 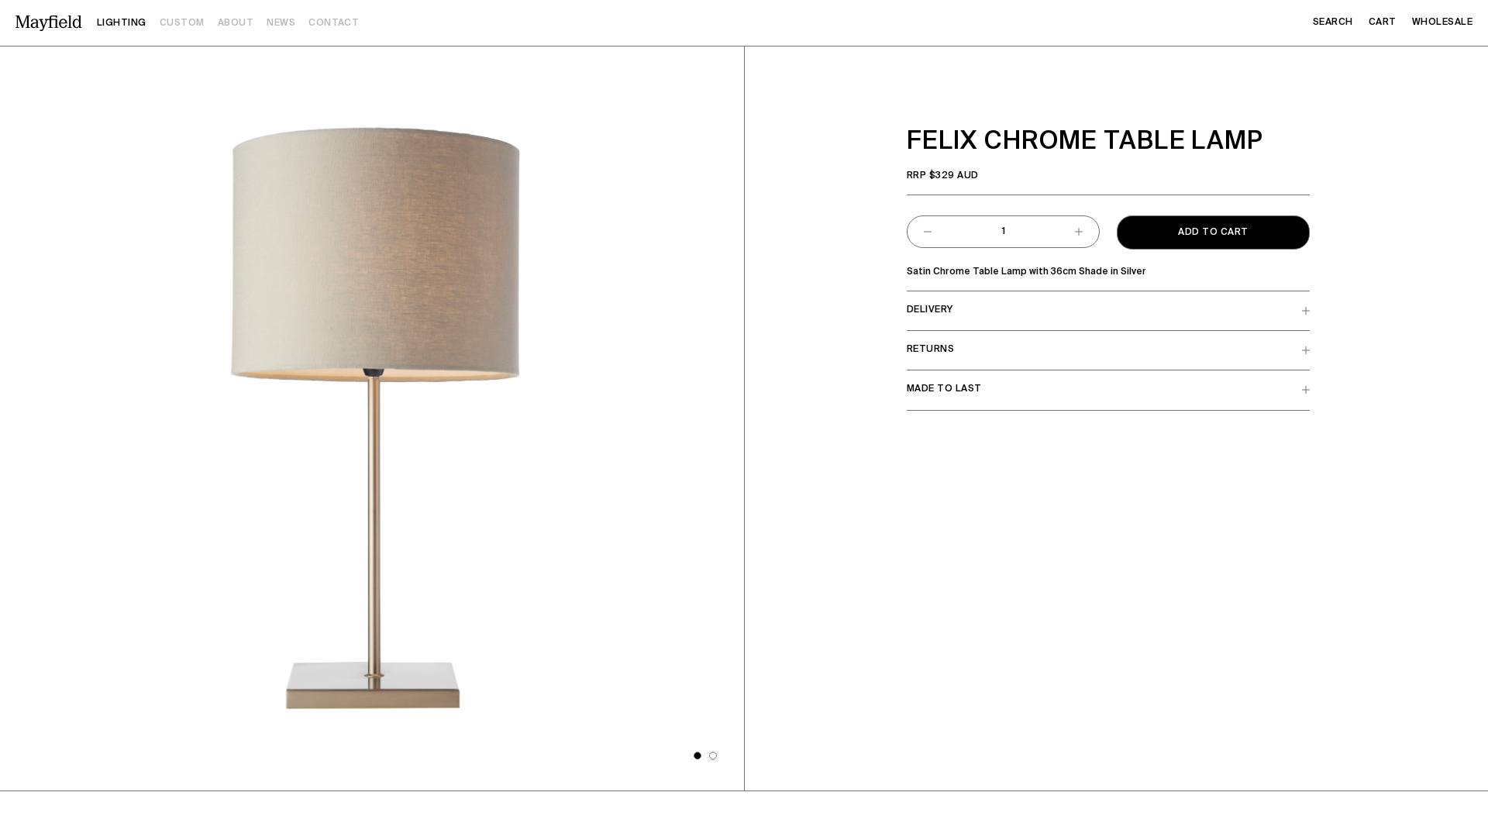 I want to click on 'LIGHTING', so click(x=95, y=22).